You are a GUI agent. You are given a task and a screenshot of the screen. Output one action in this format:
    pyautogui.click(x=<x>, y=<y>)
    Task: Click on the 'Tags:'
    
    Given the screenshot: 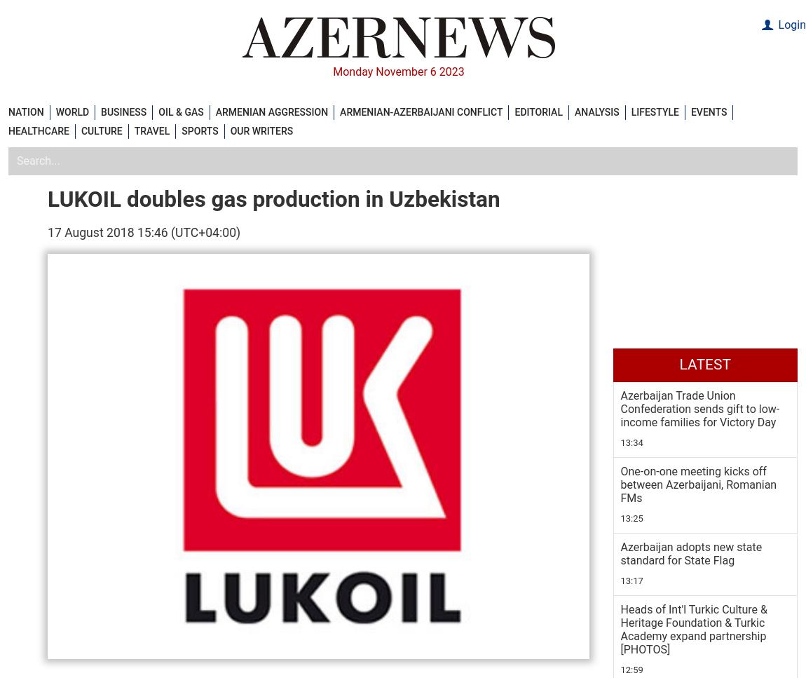 What is the action you would take?
    pyautogui.click(x=62, y=555)
    